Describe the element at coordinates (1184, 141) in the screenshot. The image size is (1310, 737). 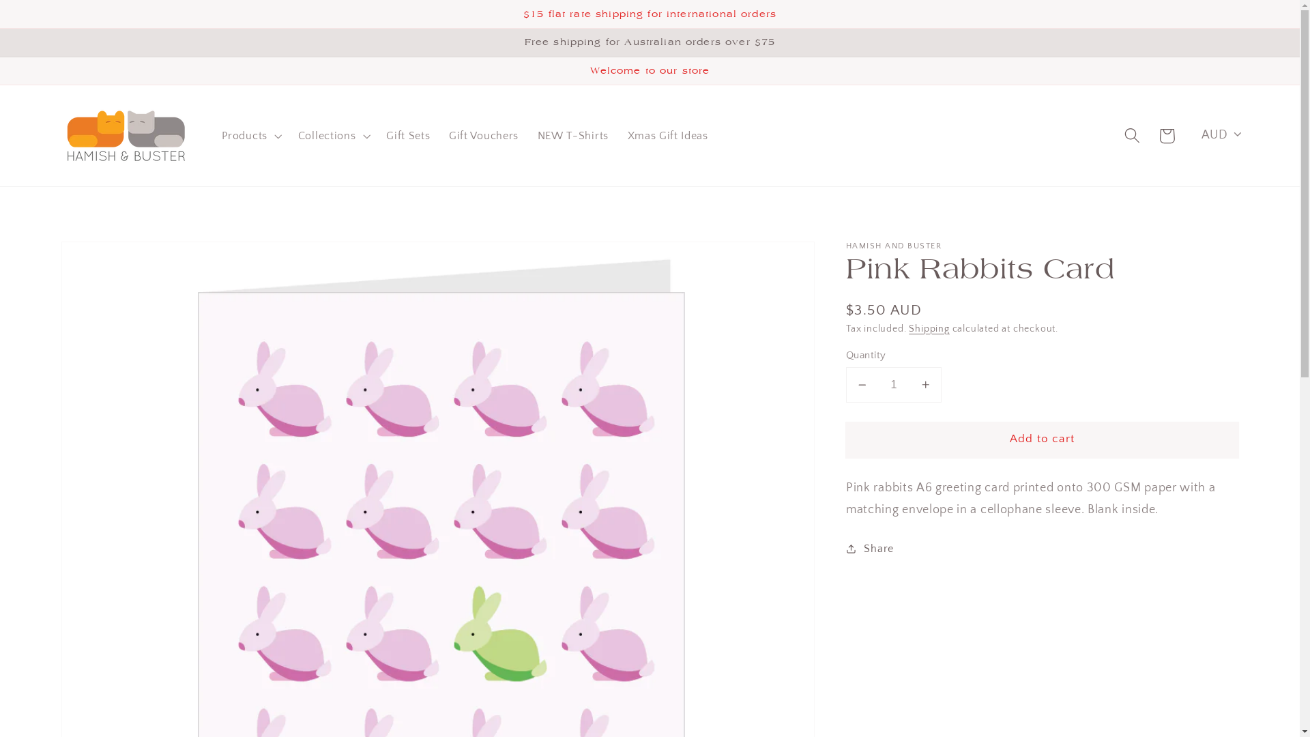
I see `'AUD'` at that location.